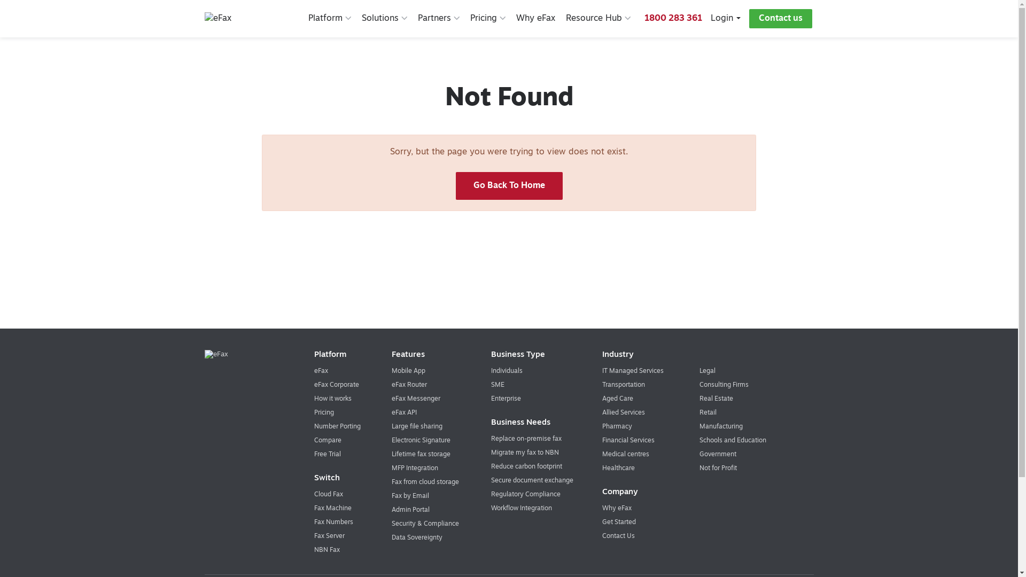  Describe the element at coordinates (420, 455) in the screenshot. I see `'Lifetime fax storage'` at that location.